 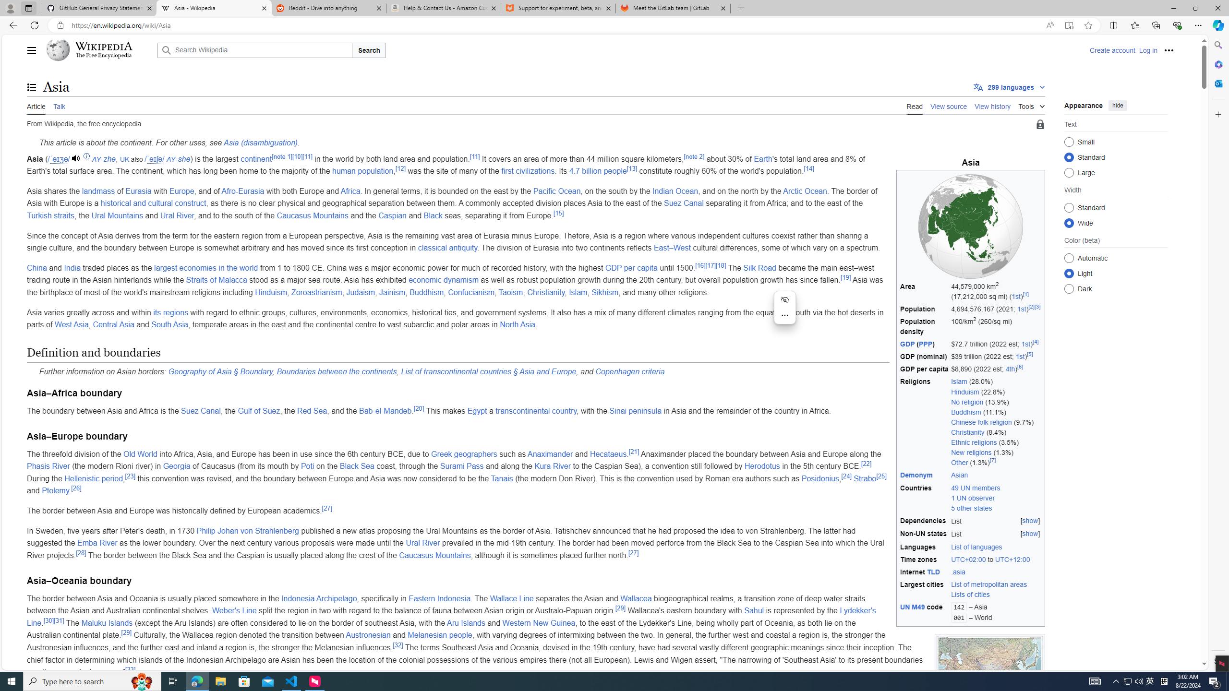 I want to click on 'Class: infobox-image', so click(x=970, y=226).